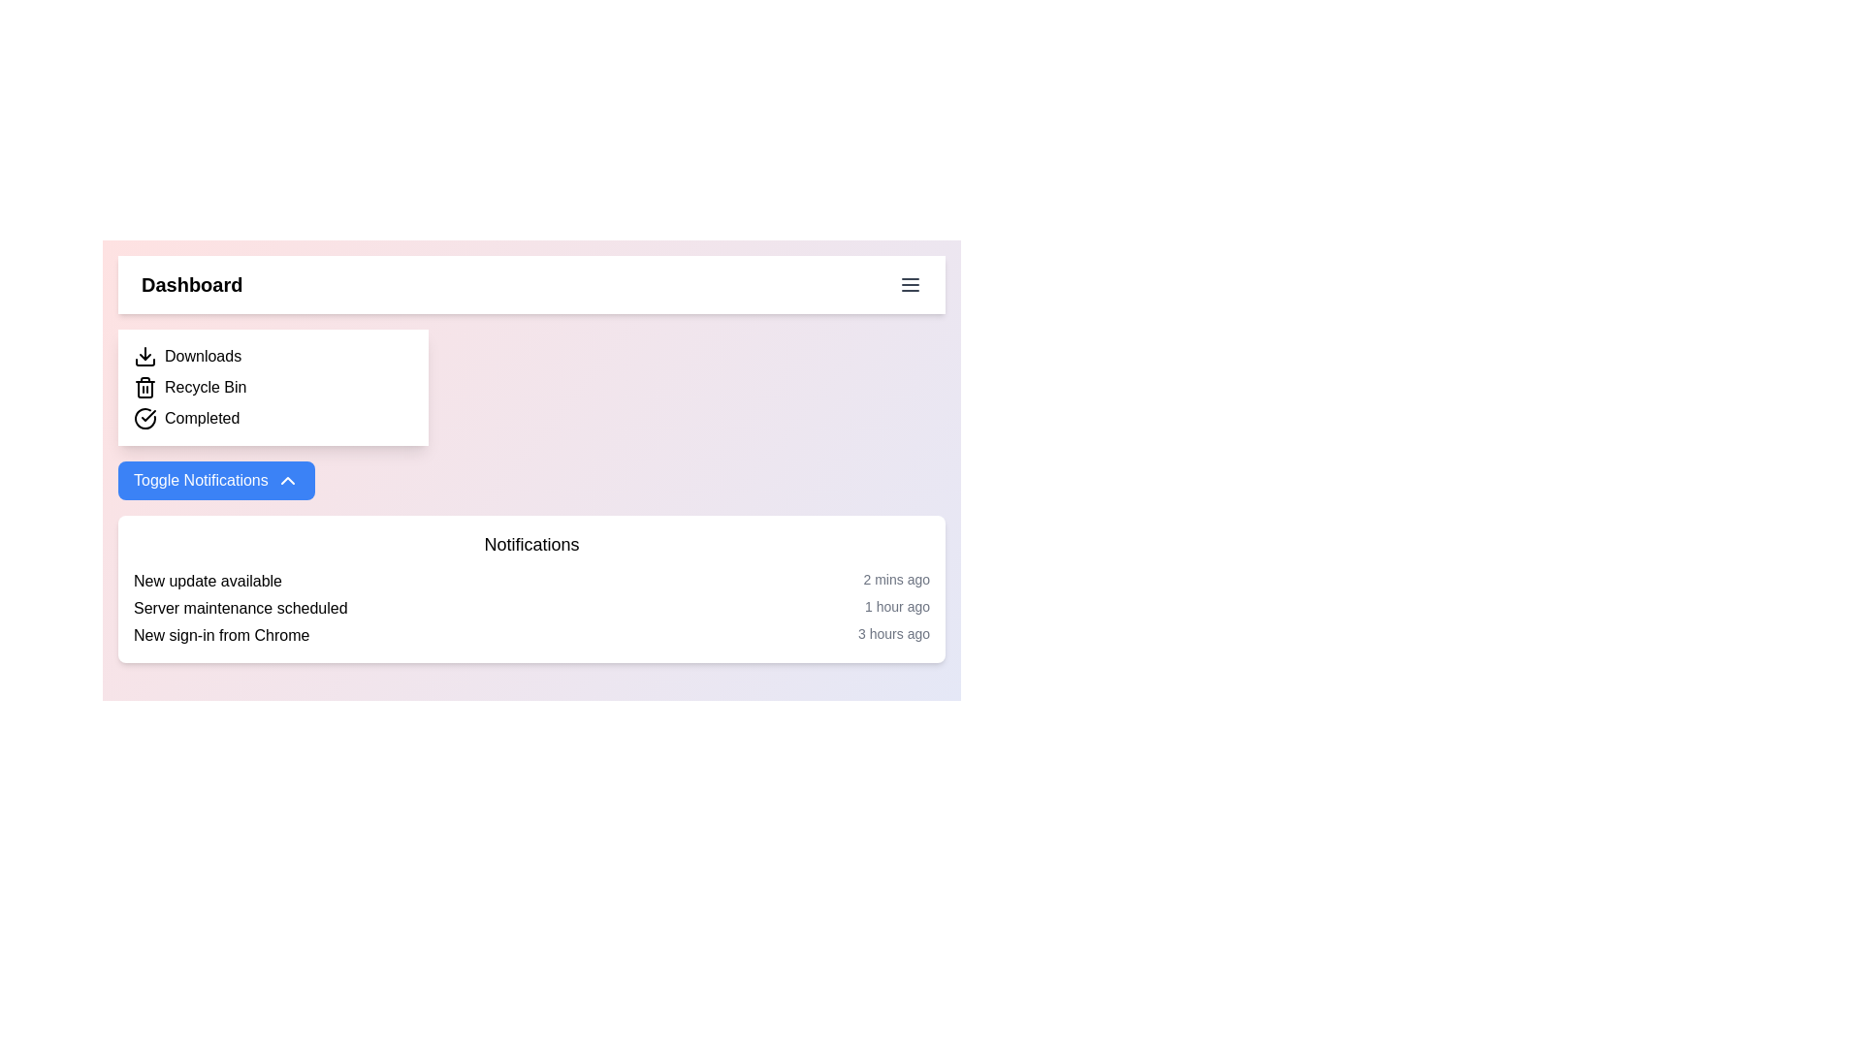  Describe the element at coordinates (286, 480) in the screenshot. I see `the chevron icon located at the right edge of the 'Toggle Notifications' button by clicking it` at that location.